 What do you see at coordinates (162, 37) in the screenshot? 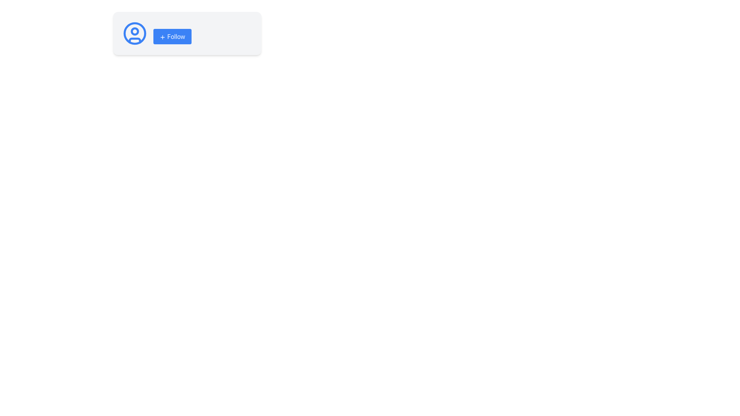
I see `the plus sign icon located to the left of the 'Follow' text inside the blue button` at bounding box center [162, 37].